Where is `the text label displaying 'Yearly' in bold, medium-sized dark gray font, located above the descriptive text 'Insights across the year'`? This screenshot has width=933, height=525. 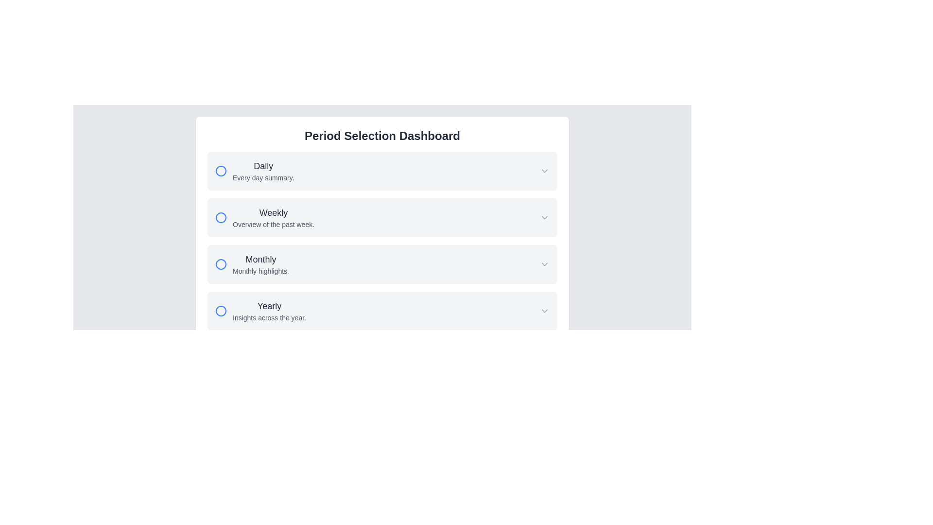 the text label displaying 'Yearly' in bold, medium-sized dark gray font, located above the descriptive text 'Insights across the year' is located at coordinates (269, 305).